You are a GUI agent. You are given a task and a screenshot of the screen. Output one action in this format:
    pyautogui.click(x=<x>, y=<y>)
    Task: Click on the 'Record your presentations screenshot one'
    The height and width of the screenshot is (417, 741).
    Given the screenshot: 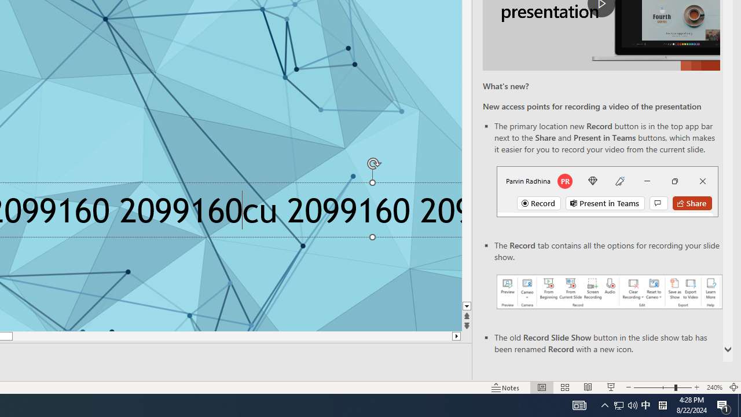 What is the action you would take?
    pyautogui.click(x=608, y=291)
    